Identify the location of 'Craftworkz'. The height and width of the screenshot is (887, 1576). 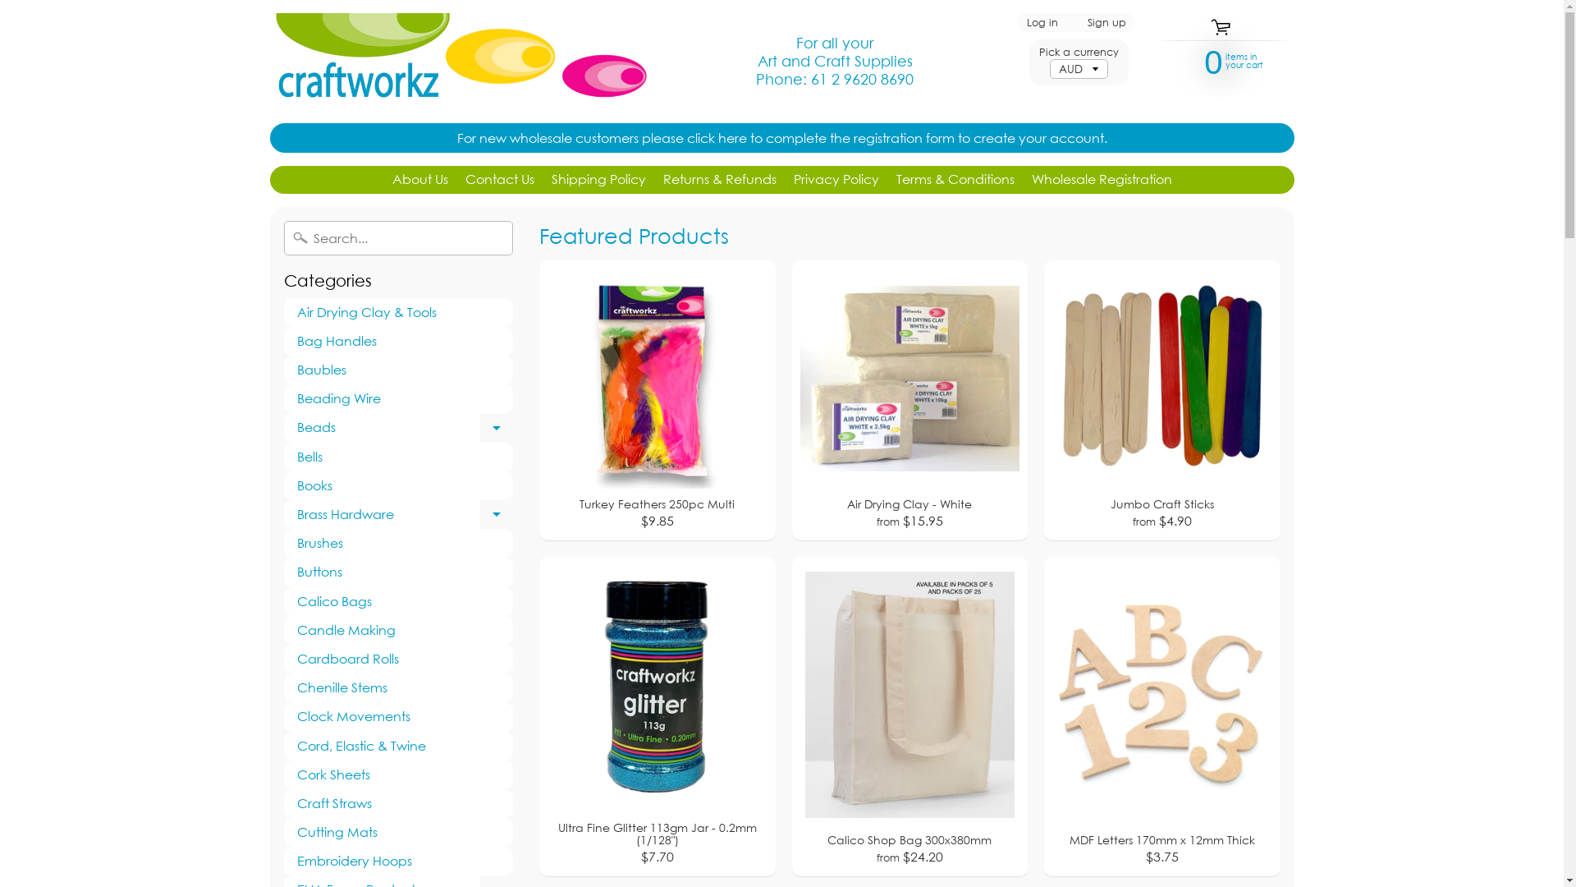
(457, 60).